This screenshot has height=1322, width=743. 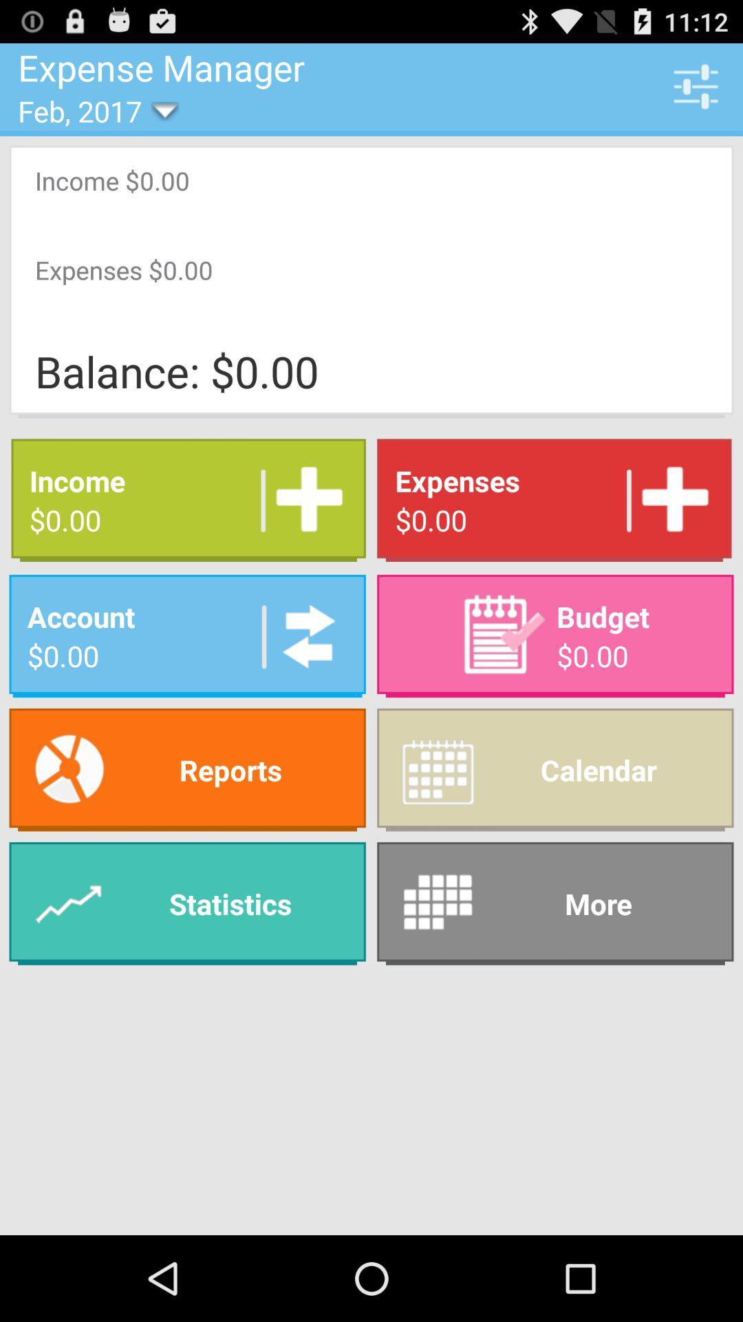 What do you see at coordinates (303, 499) in the screenshot?
I see `to add option` at bounding box center [303, 499].